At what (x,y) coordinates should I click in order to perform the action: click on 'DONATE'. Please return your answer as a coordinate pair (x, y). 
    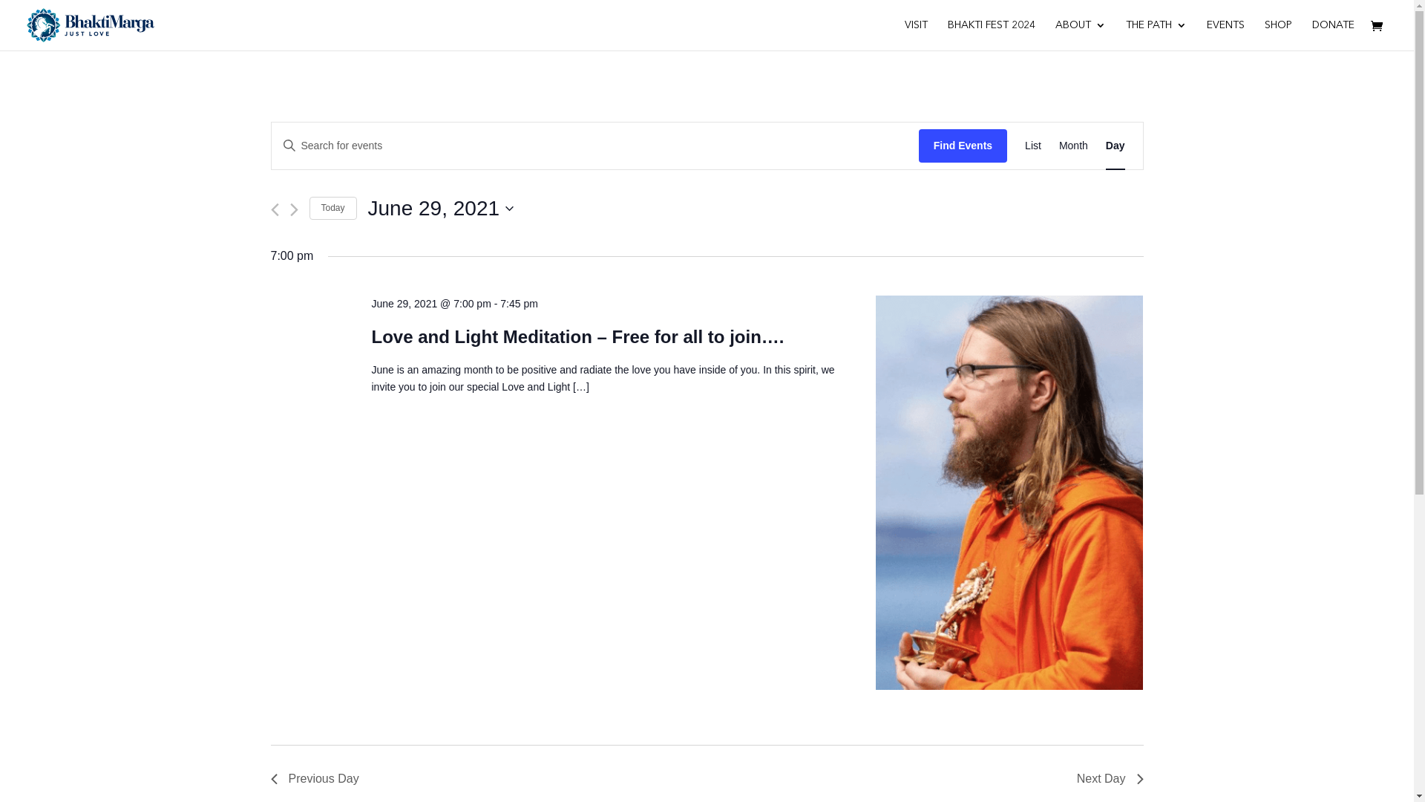
    Looking at the image, I should click on (1333, 34).